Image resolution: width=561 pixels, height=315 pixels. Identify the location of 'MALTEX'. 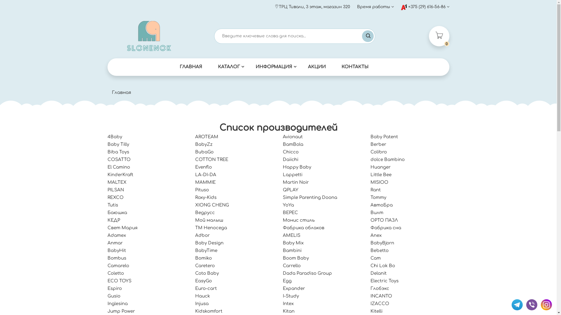
(117, 182).